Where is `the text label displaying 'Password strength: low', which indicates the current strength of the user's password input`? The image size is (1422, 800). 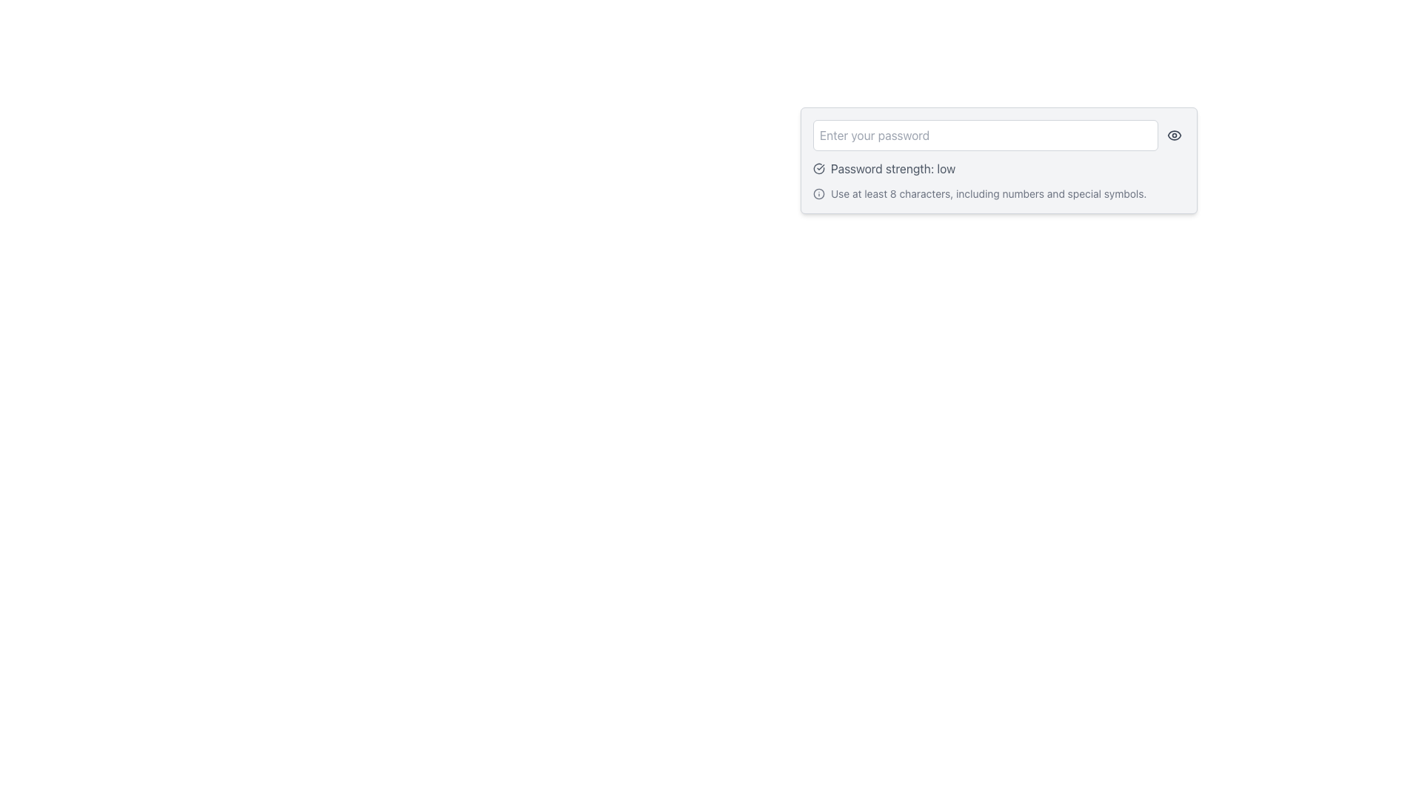
the text label displaying 'Password strength: low', which indicates the current strength of the user's password input is located at coordinates (892, 167).